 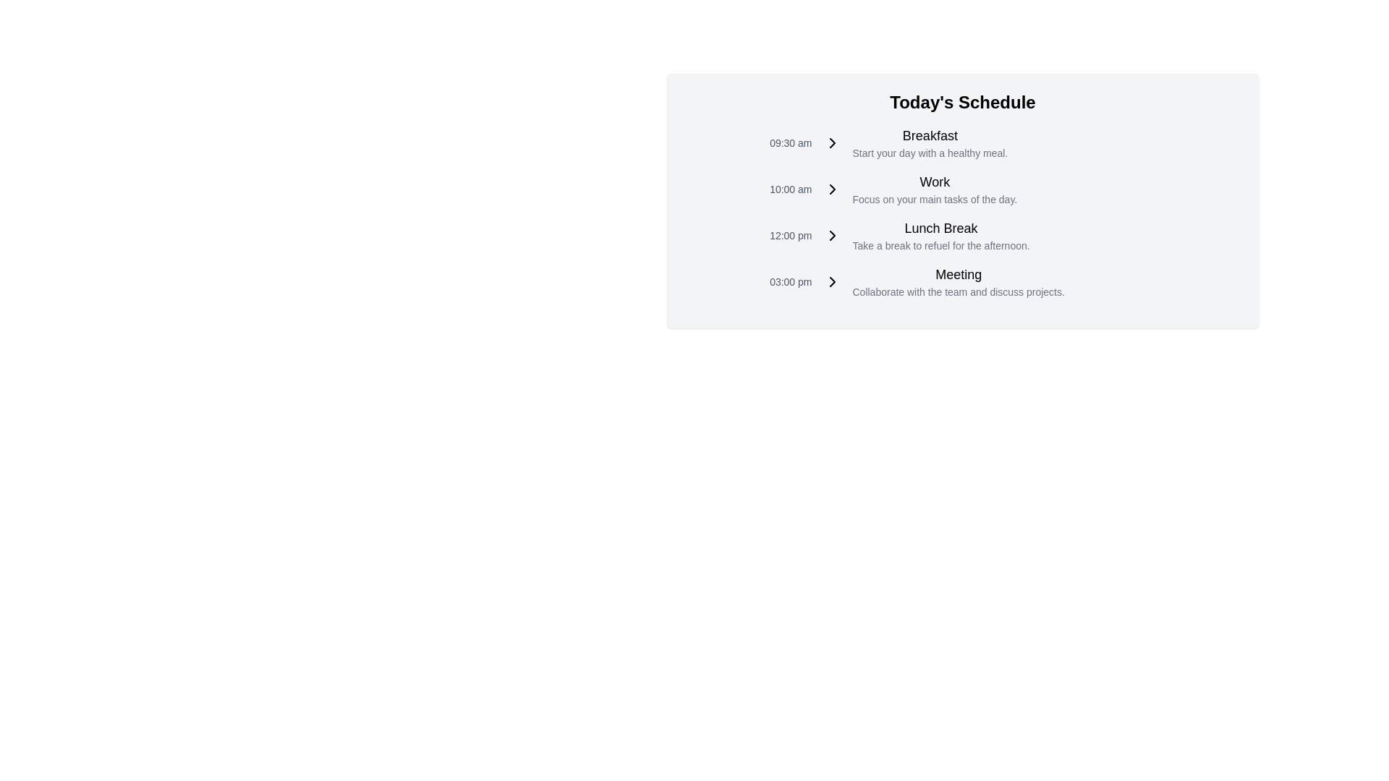 I want to click on the bold text label reading 'Meeting' that is positioned within the schedule interface, located under the 03:00 pm time slot, so click(x=959, y=275).